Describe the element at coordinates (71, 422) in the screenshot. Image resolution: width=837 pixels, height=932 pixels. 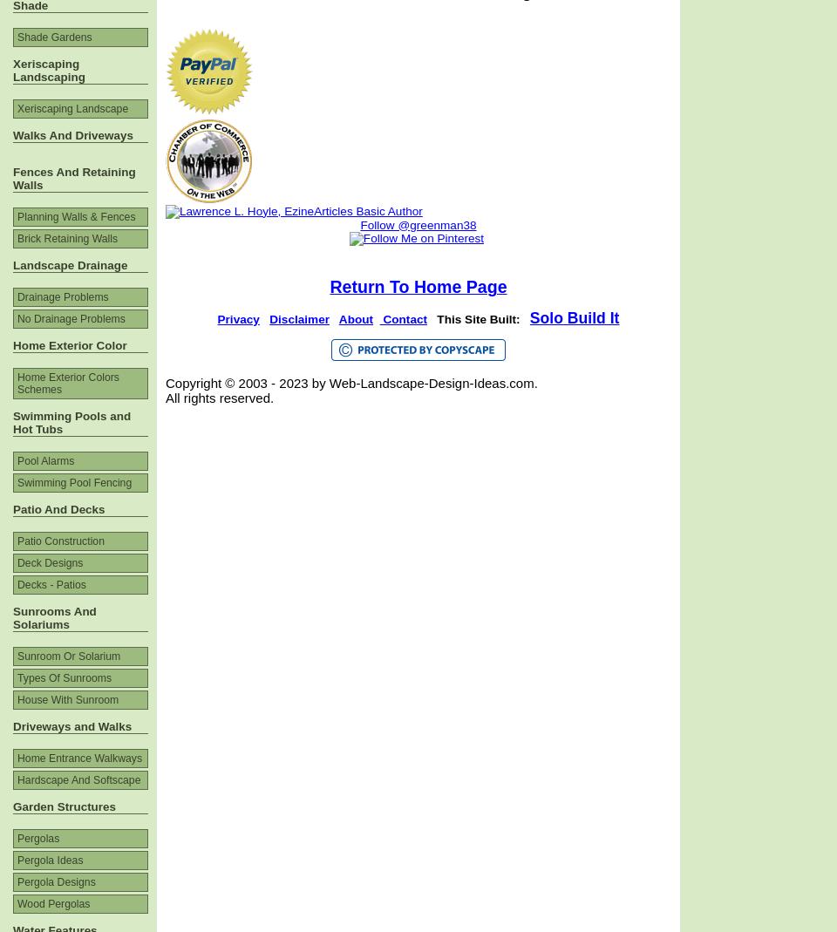
I see `'Swimming Pools and Hot Tubs'` at that location.